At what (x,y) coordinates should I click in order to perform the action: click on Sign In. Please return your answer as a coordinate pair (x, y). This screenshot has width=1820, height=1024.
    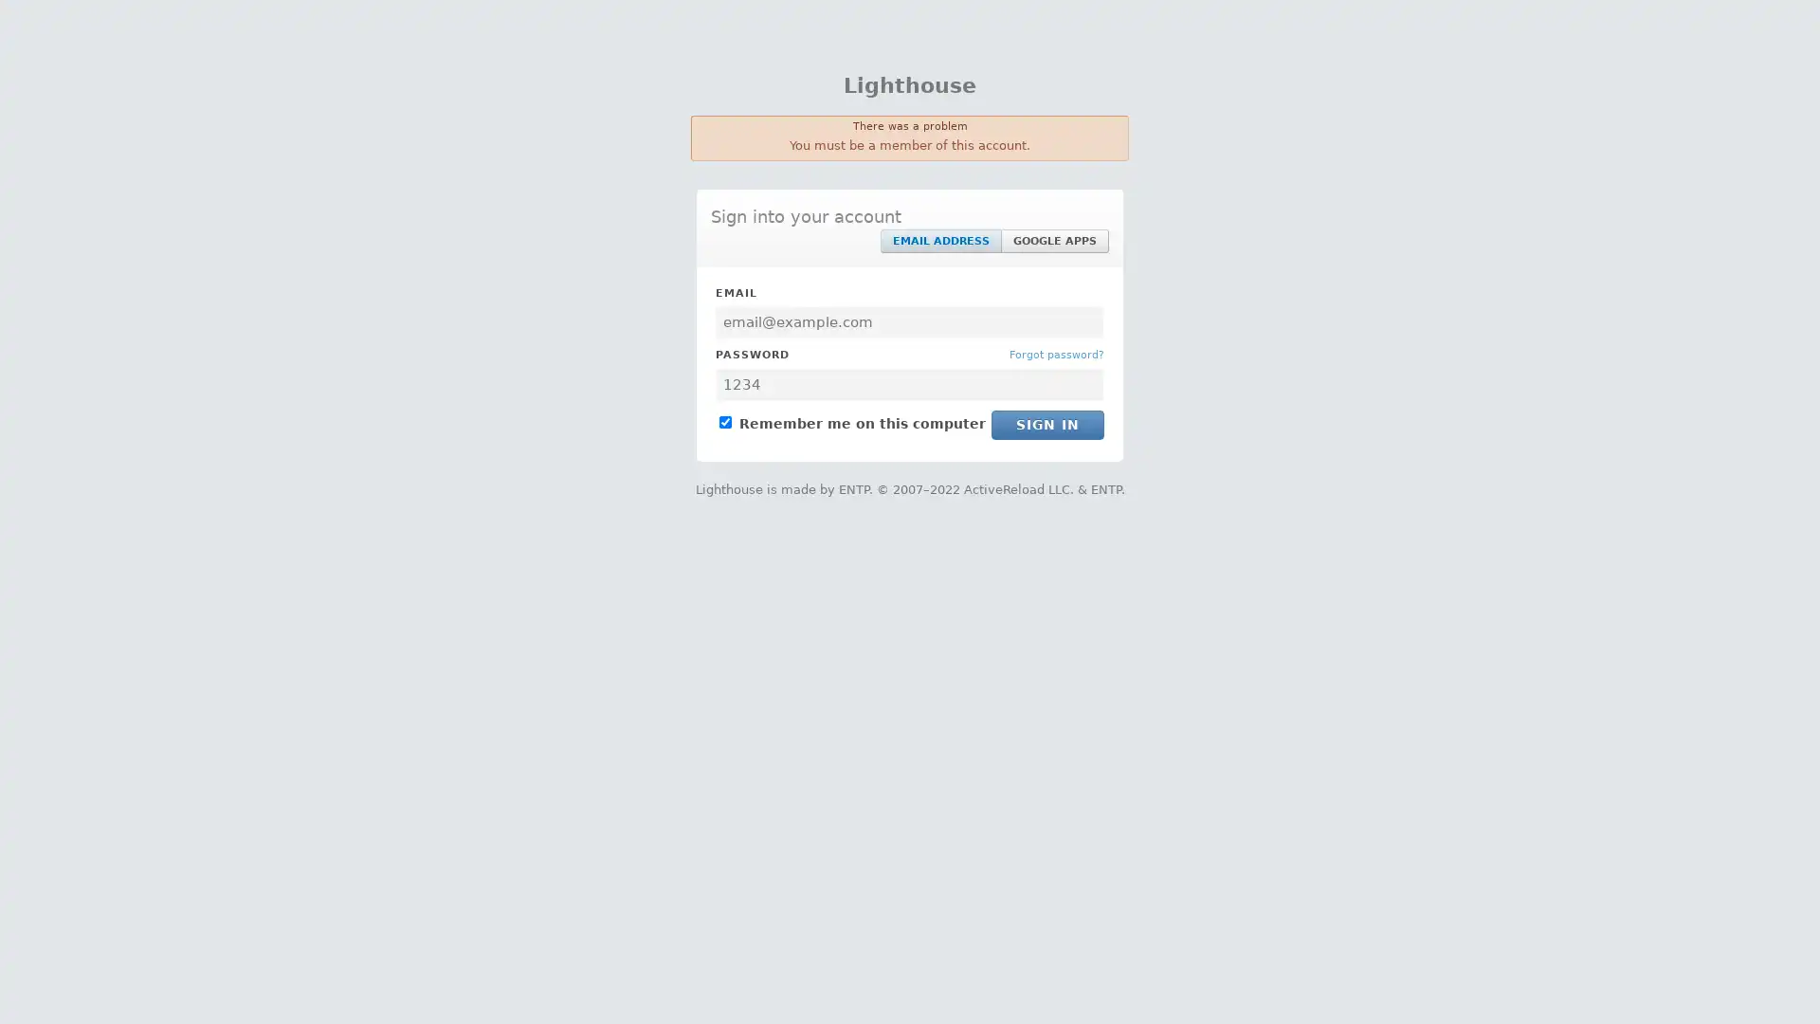
    Looking at the image, I should click on (1046, 423).